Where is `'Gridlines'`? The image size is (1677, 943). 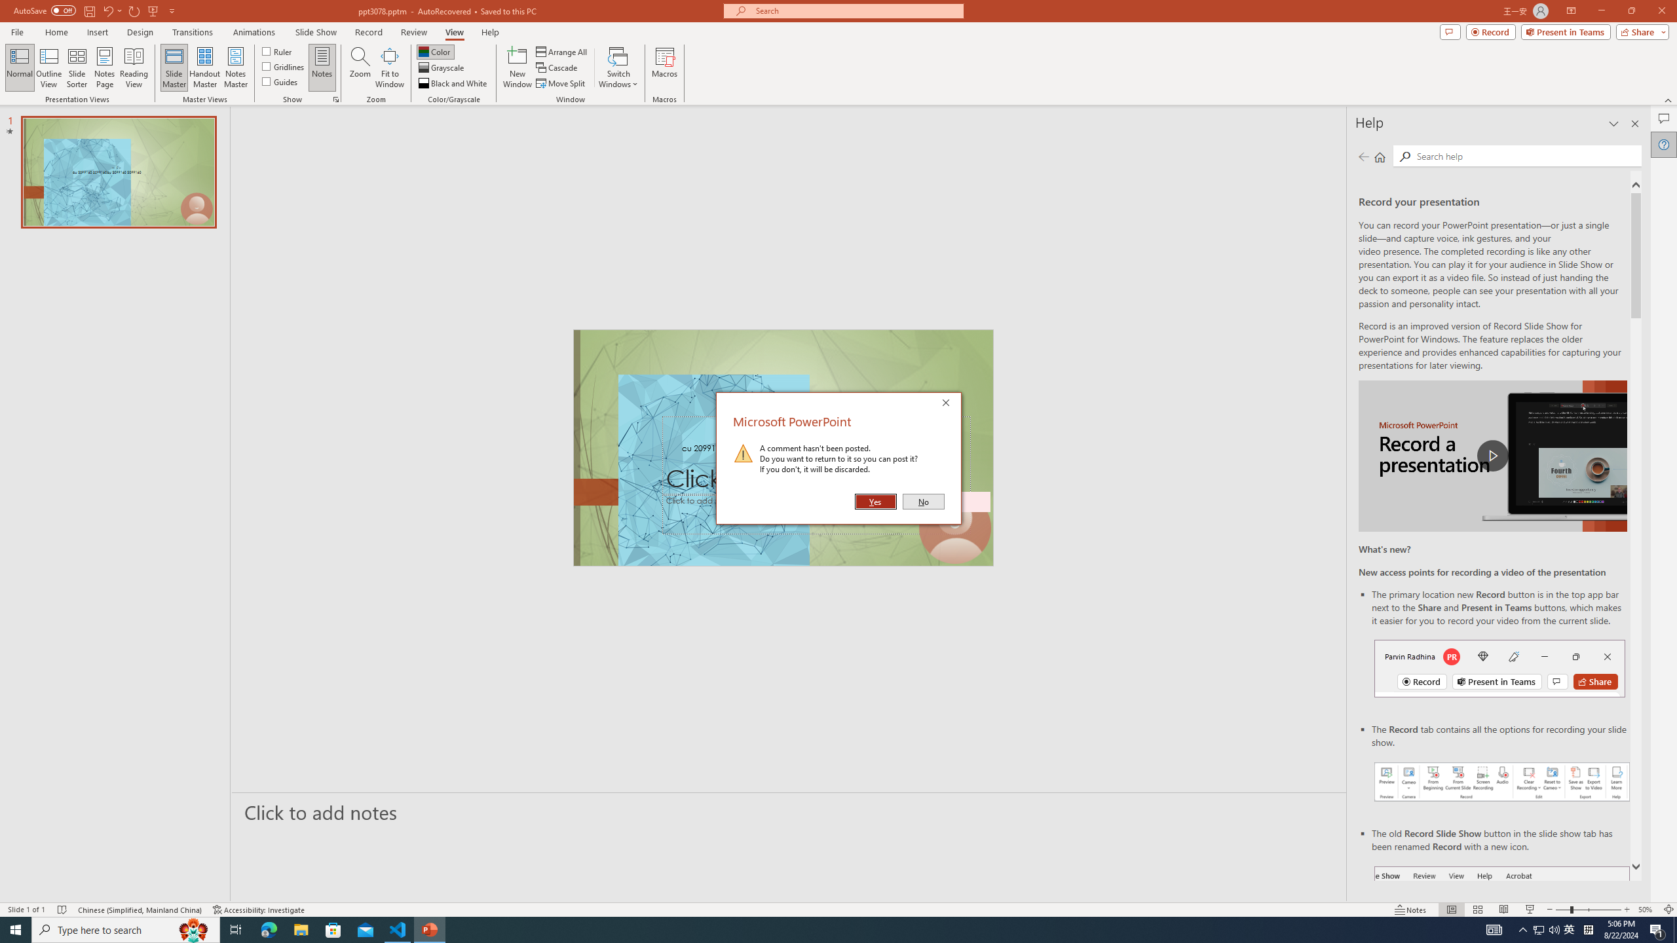 'Gridlines' is located at coordinates (283, 65).